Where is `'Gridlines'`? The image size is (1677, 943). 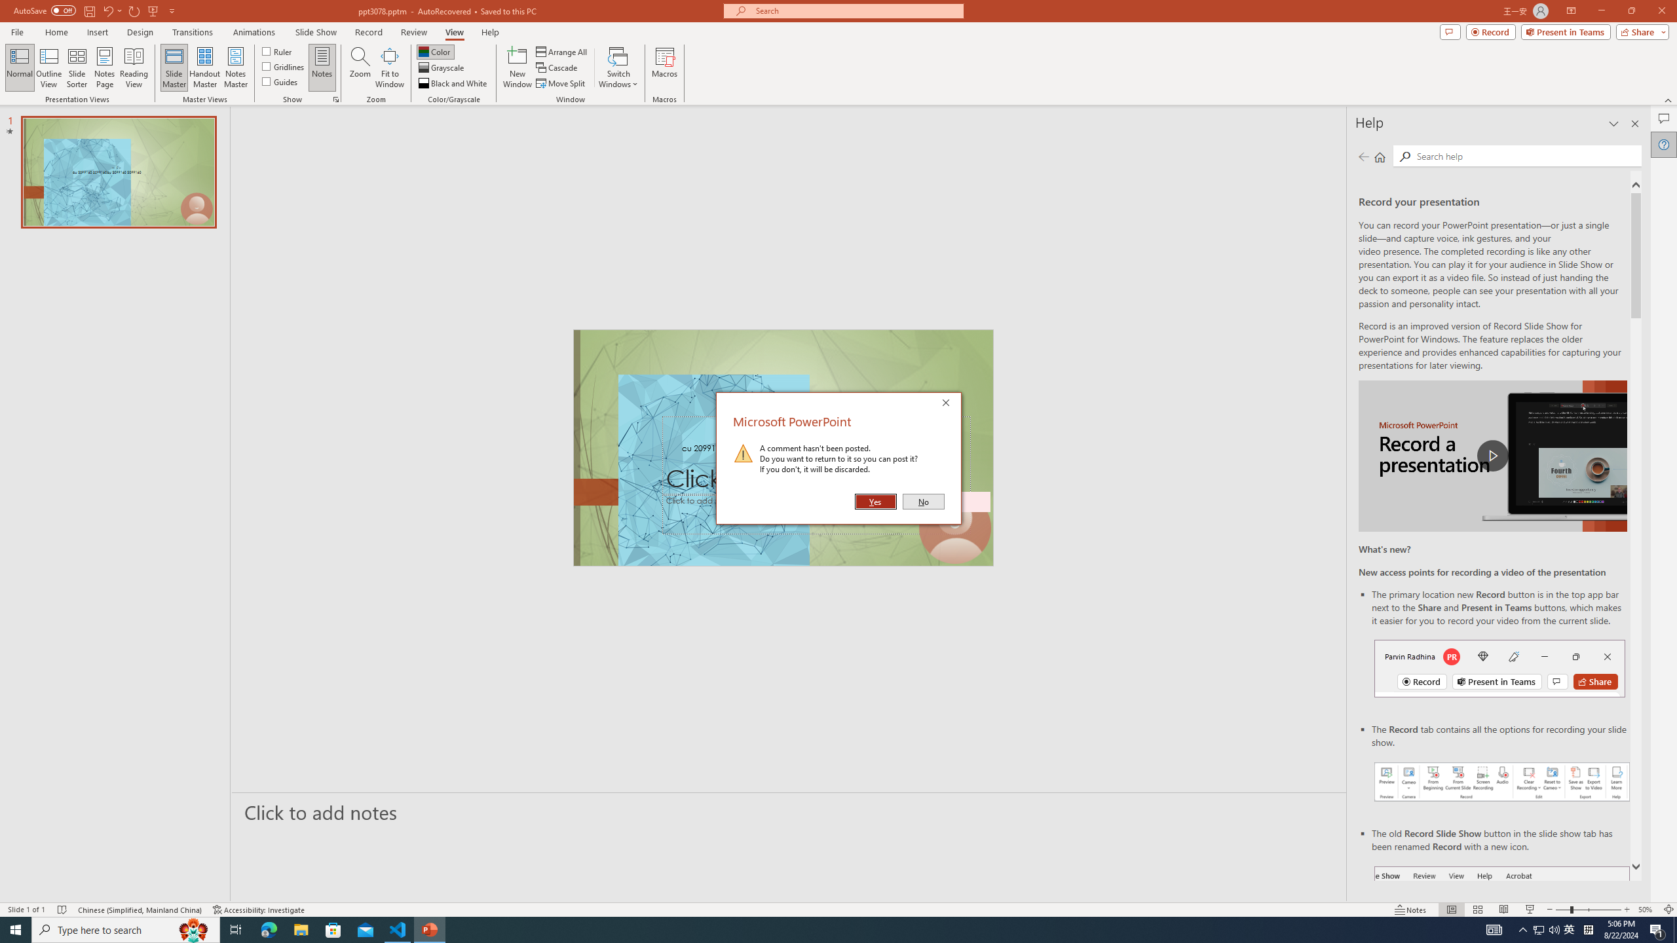 'Gridlines' is located at coordinates (283, 65).